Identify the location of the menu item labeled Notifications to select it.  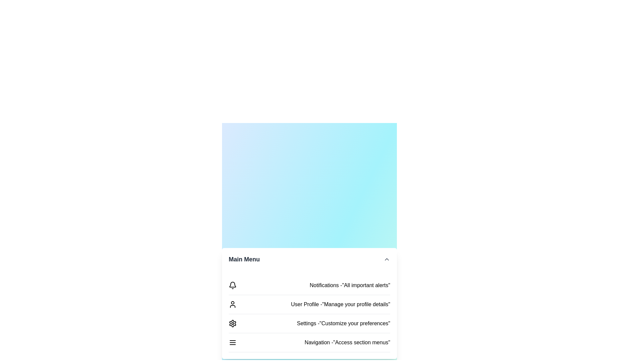
(233, 285).